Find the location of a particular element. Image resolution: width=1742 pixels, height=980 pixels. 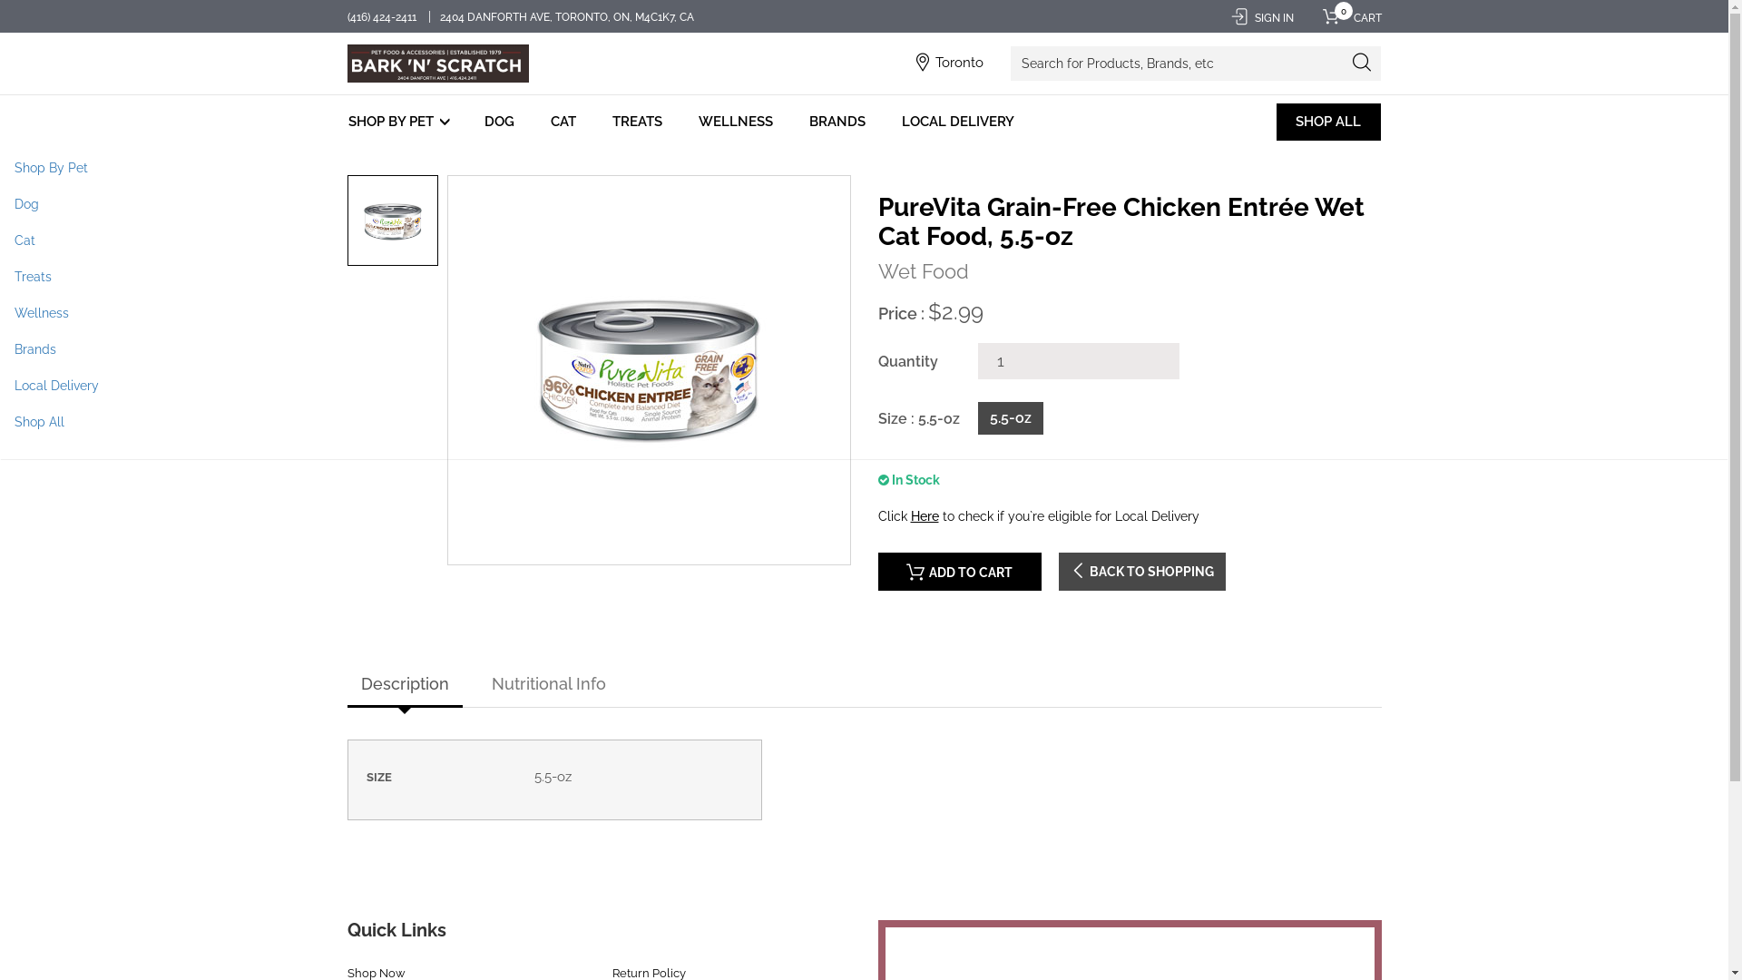

'ADD TO CART' is located at coordinates (958, 570).